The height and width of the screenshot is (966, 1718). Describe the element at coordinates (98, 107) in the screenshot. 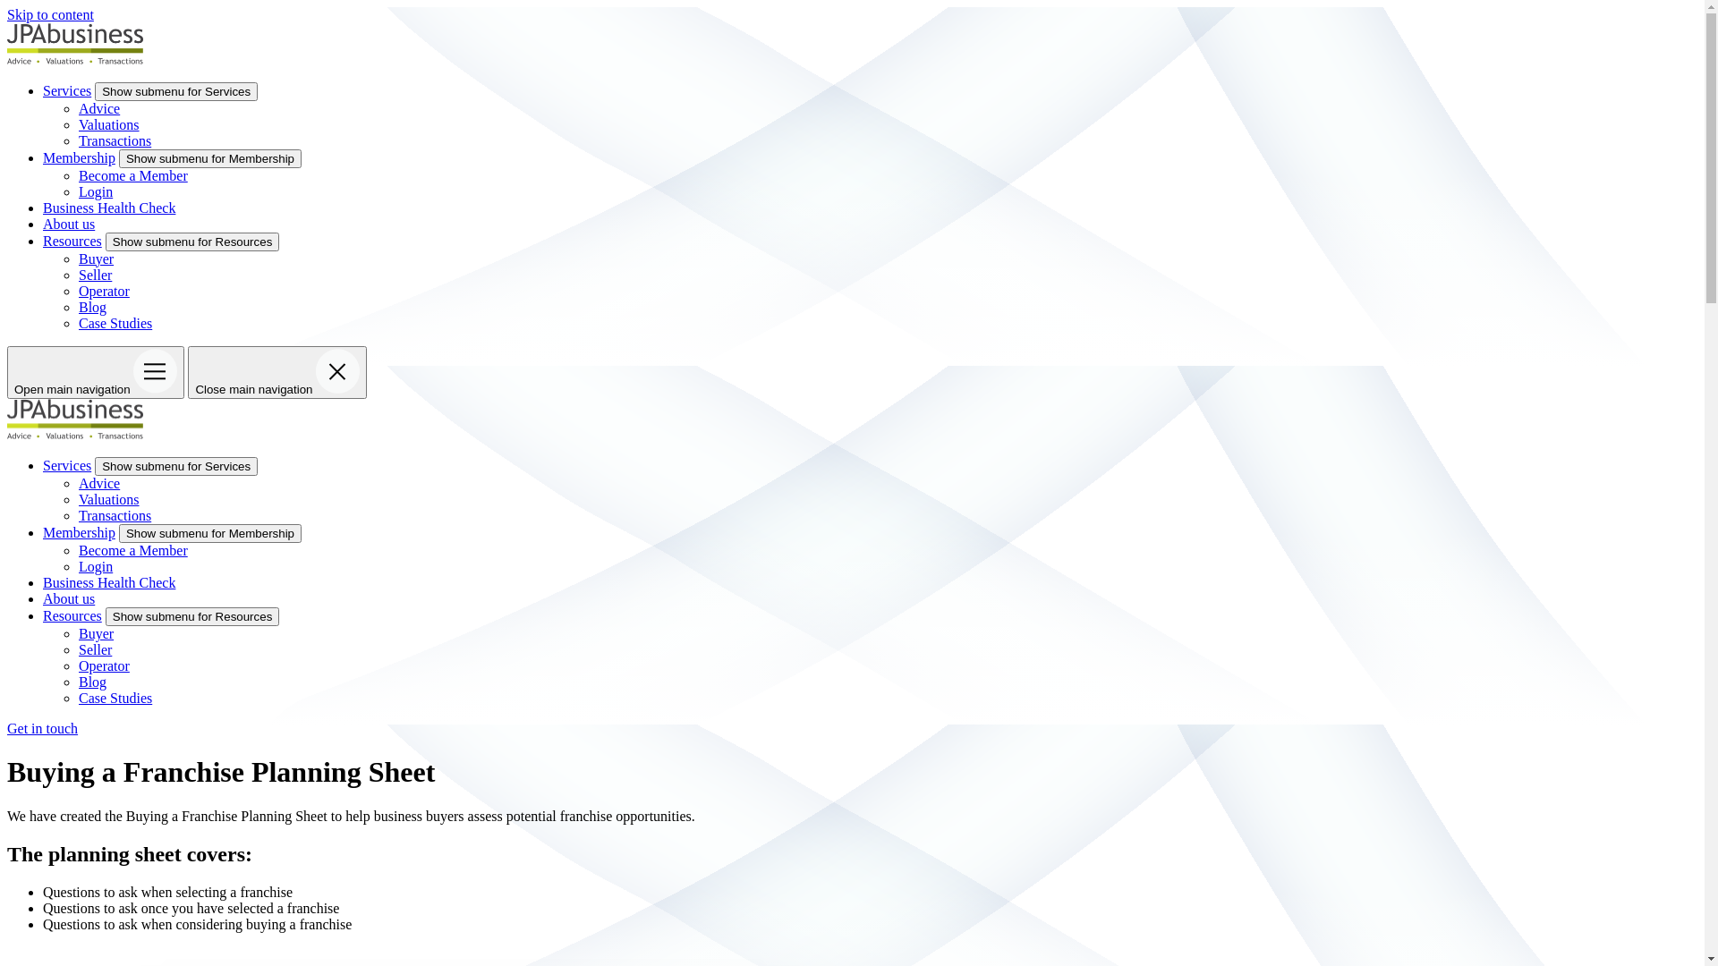

I see `'Advice'` at that location.